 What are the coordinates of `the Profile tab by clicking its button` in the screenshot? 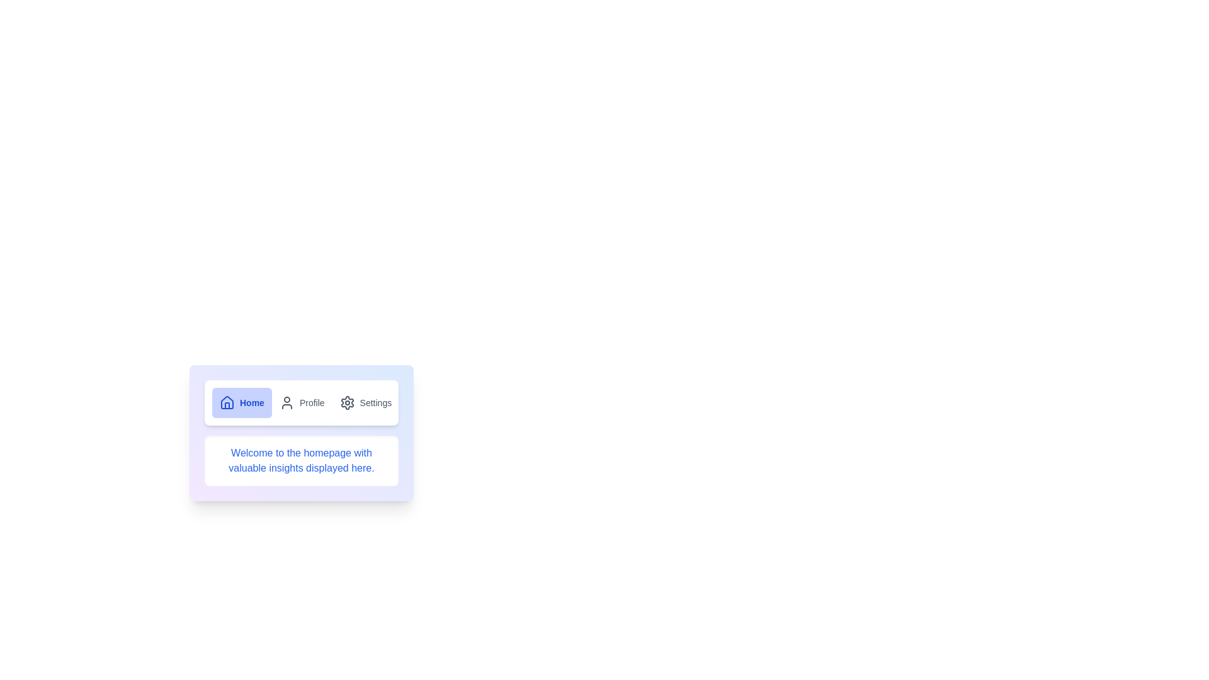 It's located at (301, 403).